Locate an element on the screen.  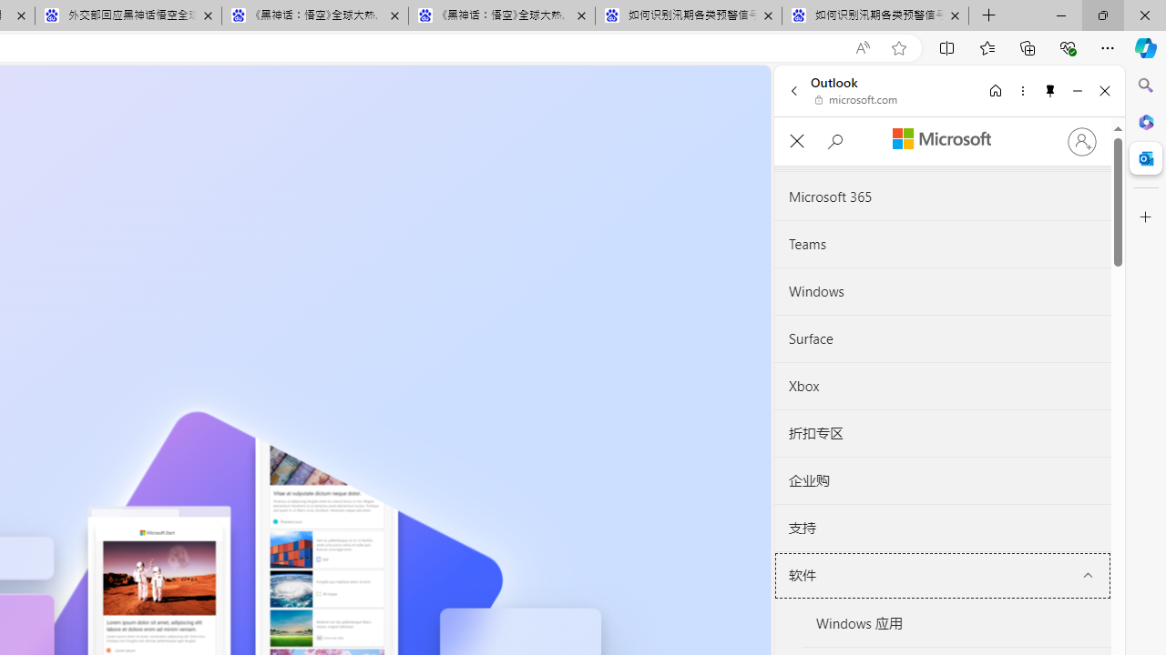
'microsoft.com' is located at coordinates (855, 100).